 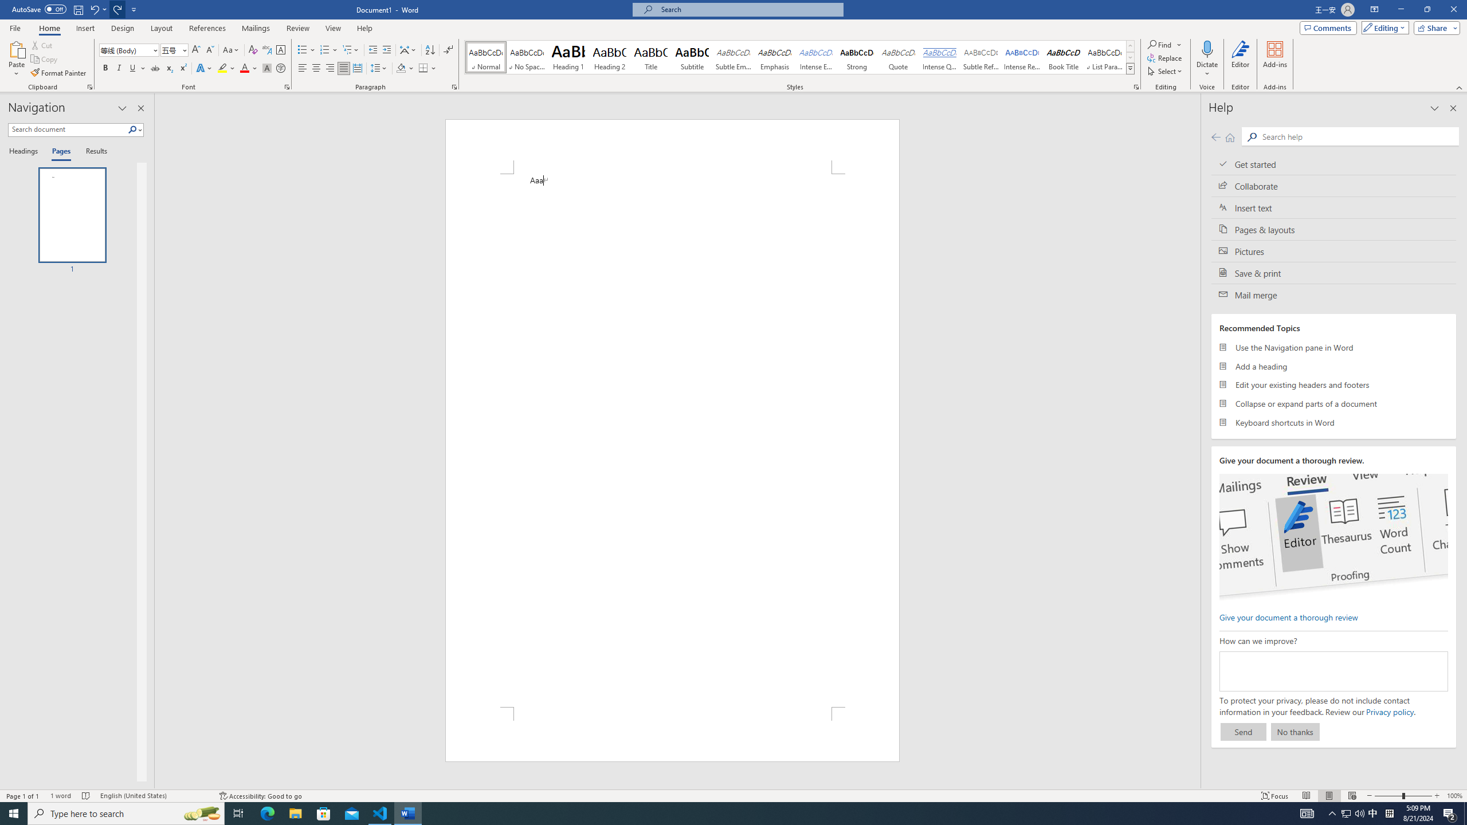 What do you see at coordinates (23, 796) in the screenshot?
I see `'Page Number Page 1 of 1'` at bounding box center [23, 796].